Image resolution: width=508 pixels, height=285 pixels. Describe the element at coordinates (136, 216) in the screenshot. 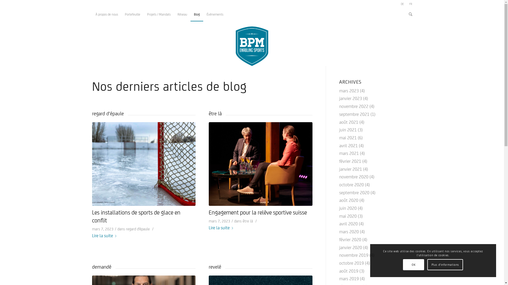

I see `'Les installations de sports de glace en conflit'` at that location.